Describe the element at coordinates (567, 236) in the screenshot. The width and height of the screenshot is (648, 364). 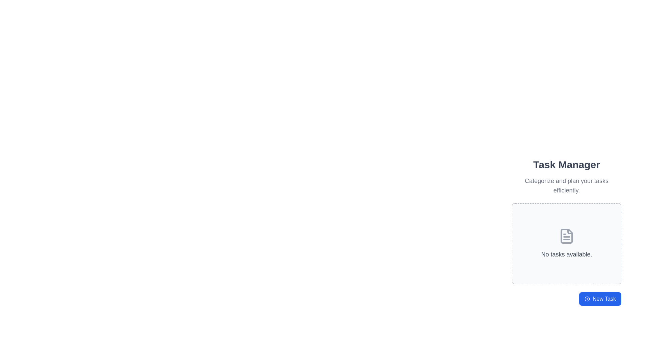
I see `the Decorative icon, which resembles a document with lines representing text, located centrally within the bordered area labeled 'No tasks available.'` at that location.